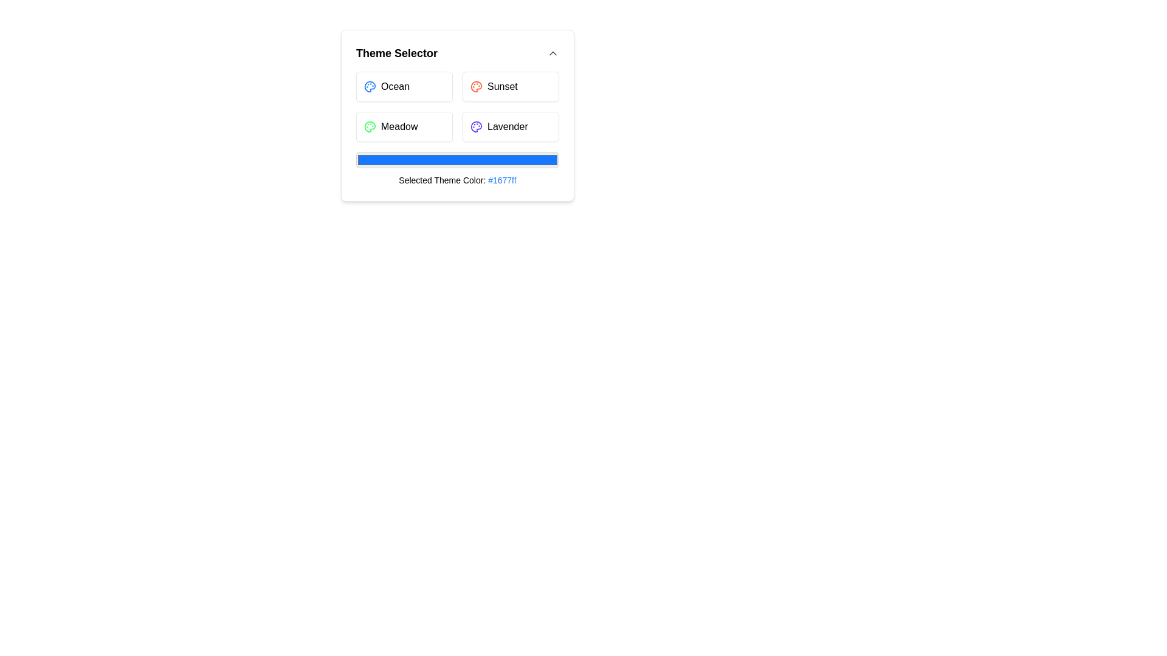 Image resolution: width=1167 pixels, height=656 pixels. I want to click on the Lavender theme button located in the bottom-right corner of the theme selector grid, so click(511, 126).